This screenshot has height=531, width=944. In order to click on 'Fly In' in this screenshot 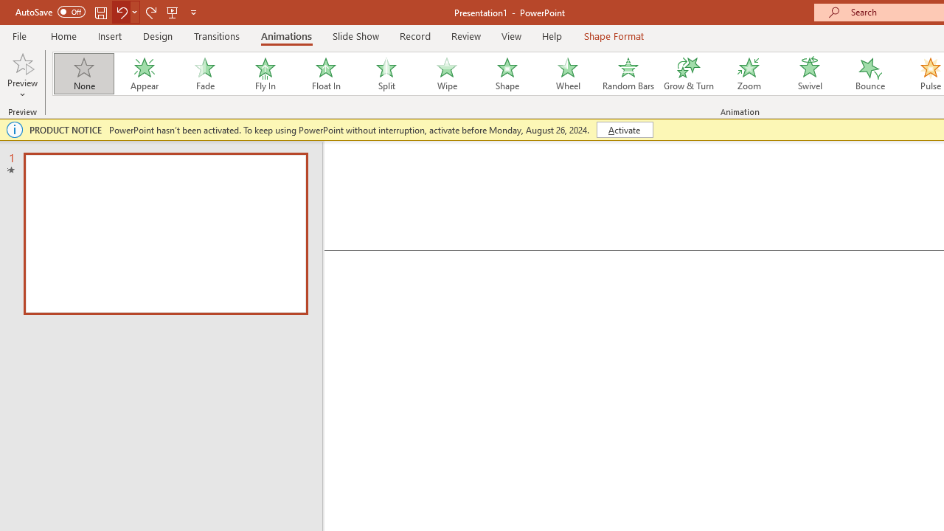, I will do `click(265, 74)`.